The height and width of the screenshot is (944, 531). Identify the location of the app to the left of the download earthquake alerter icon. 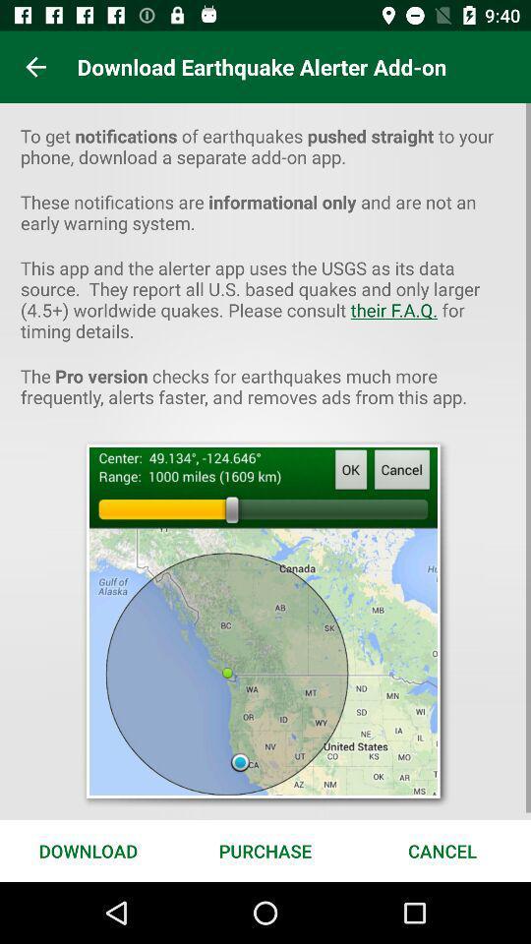
(35, 67).